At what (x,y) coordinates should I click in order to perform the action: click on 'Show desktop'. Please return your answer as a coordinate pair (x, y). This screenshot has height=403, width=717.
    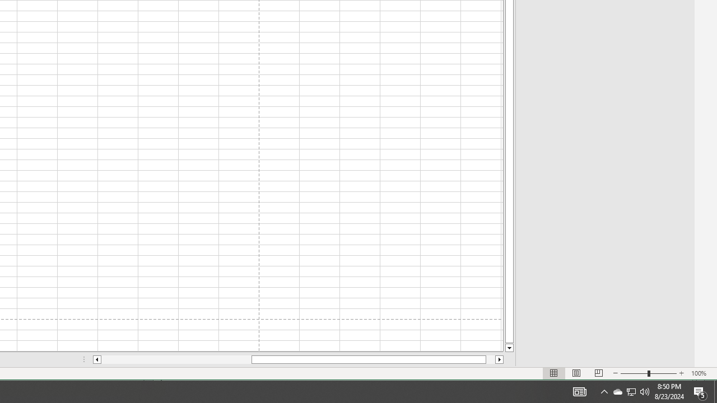
    Looking at the image, I should click on (715, 391).